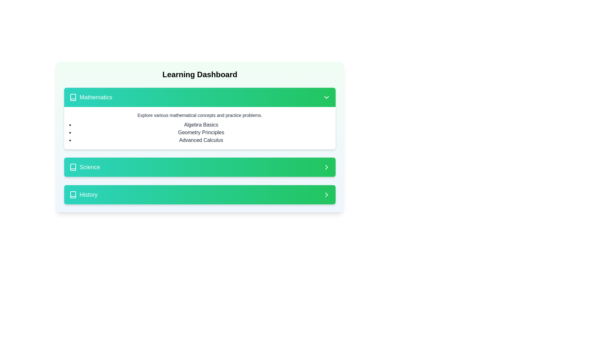  I want to click on listed topics from the first card in the vertical stack of subject categories on the Learning Dashboard interface, so click(200, 119).